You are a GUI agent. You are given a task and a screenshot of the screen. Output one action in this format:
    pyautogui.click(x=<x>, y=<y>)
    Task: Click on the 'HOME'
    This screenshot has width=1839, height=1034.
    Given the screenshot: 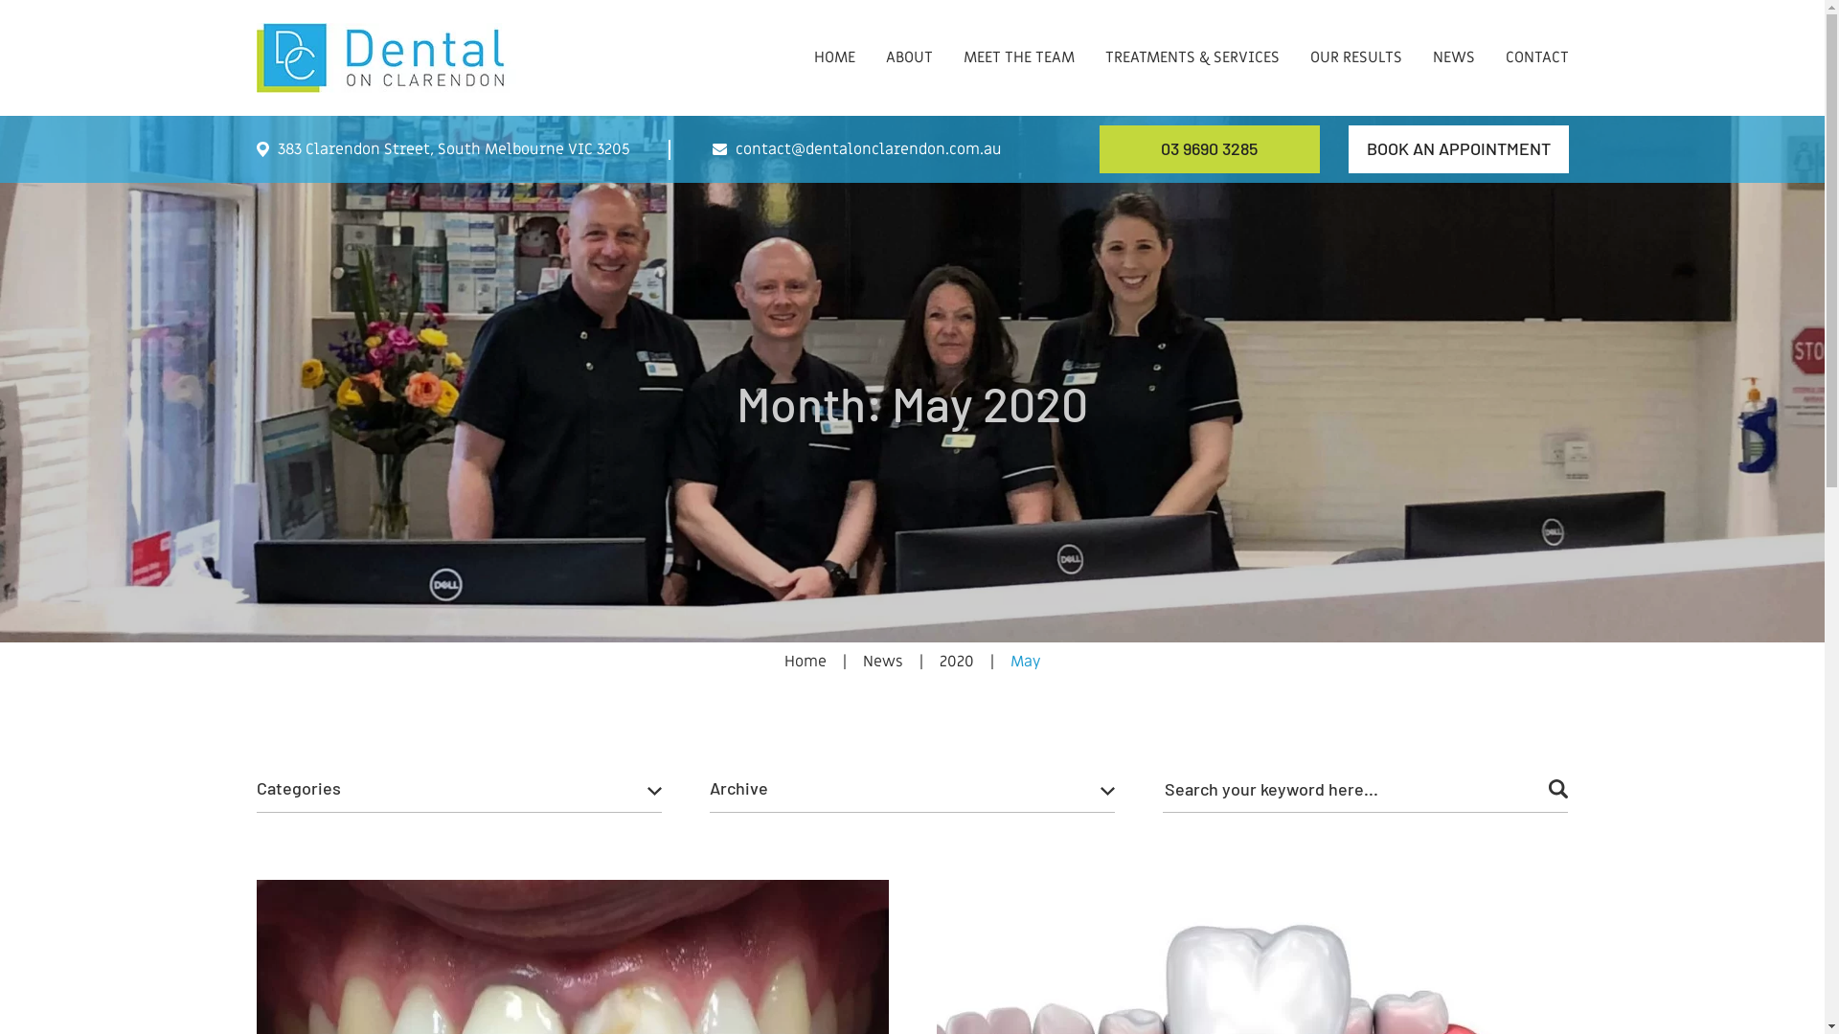 What is the action you would take?
    pyautogui.click(x=834, y=38)
    